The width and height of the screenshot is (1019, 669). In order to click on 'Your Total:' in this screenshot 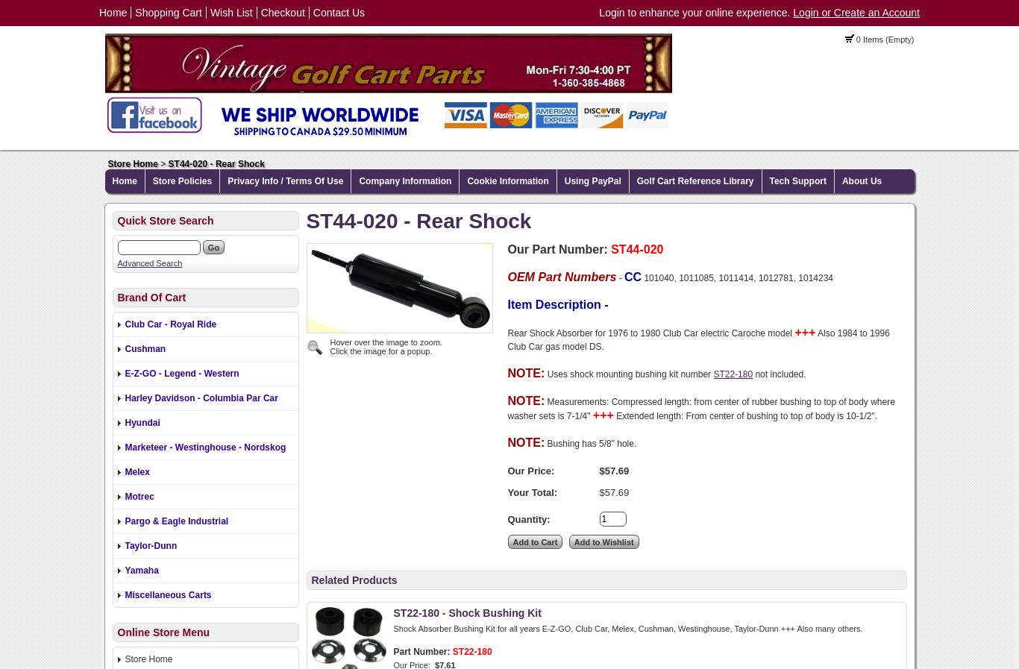, I will do `click(532, 492)`.